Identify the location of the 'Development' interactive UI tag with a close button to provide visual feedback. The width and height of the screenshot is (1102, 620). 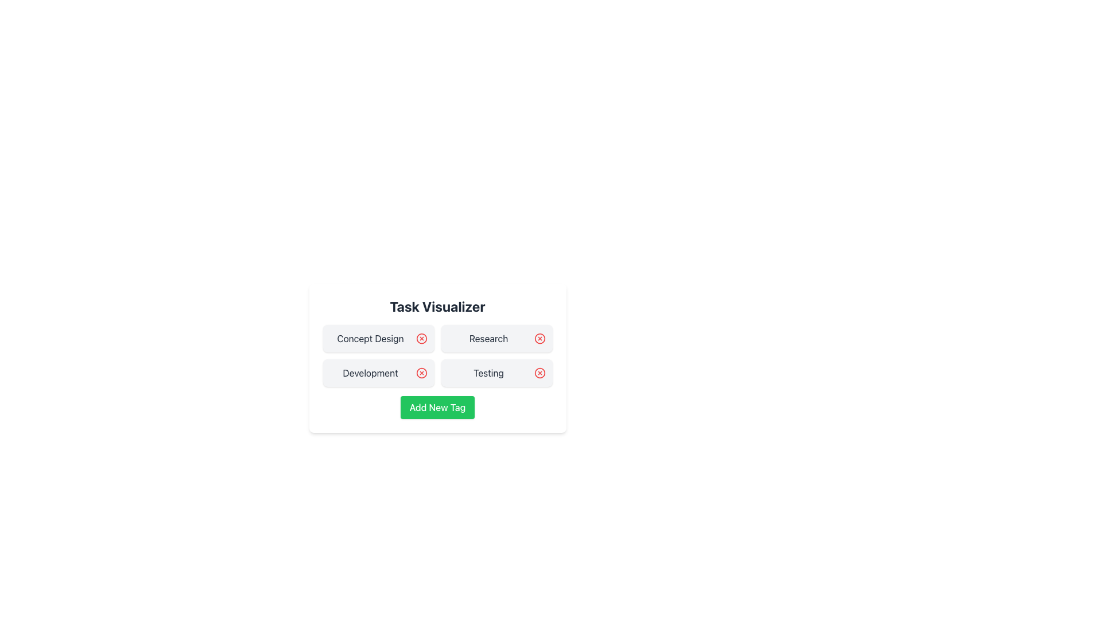
(378, 373).